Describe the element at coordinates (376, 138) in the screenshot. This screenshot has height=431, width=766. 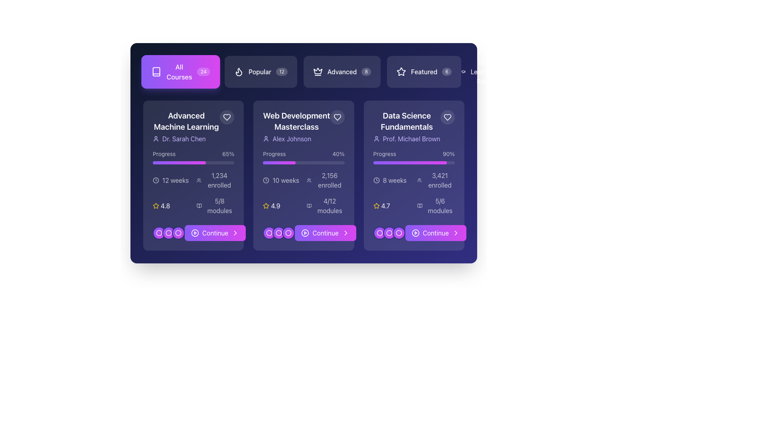
I see `the user icon representing 'Prof. Michael Brown' in the 'Data Science Fundamentals' card` at that location.